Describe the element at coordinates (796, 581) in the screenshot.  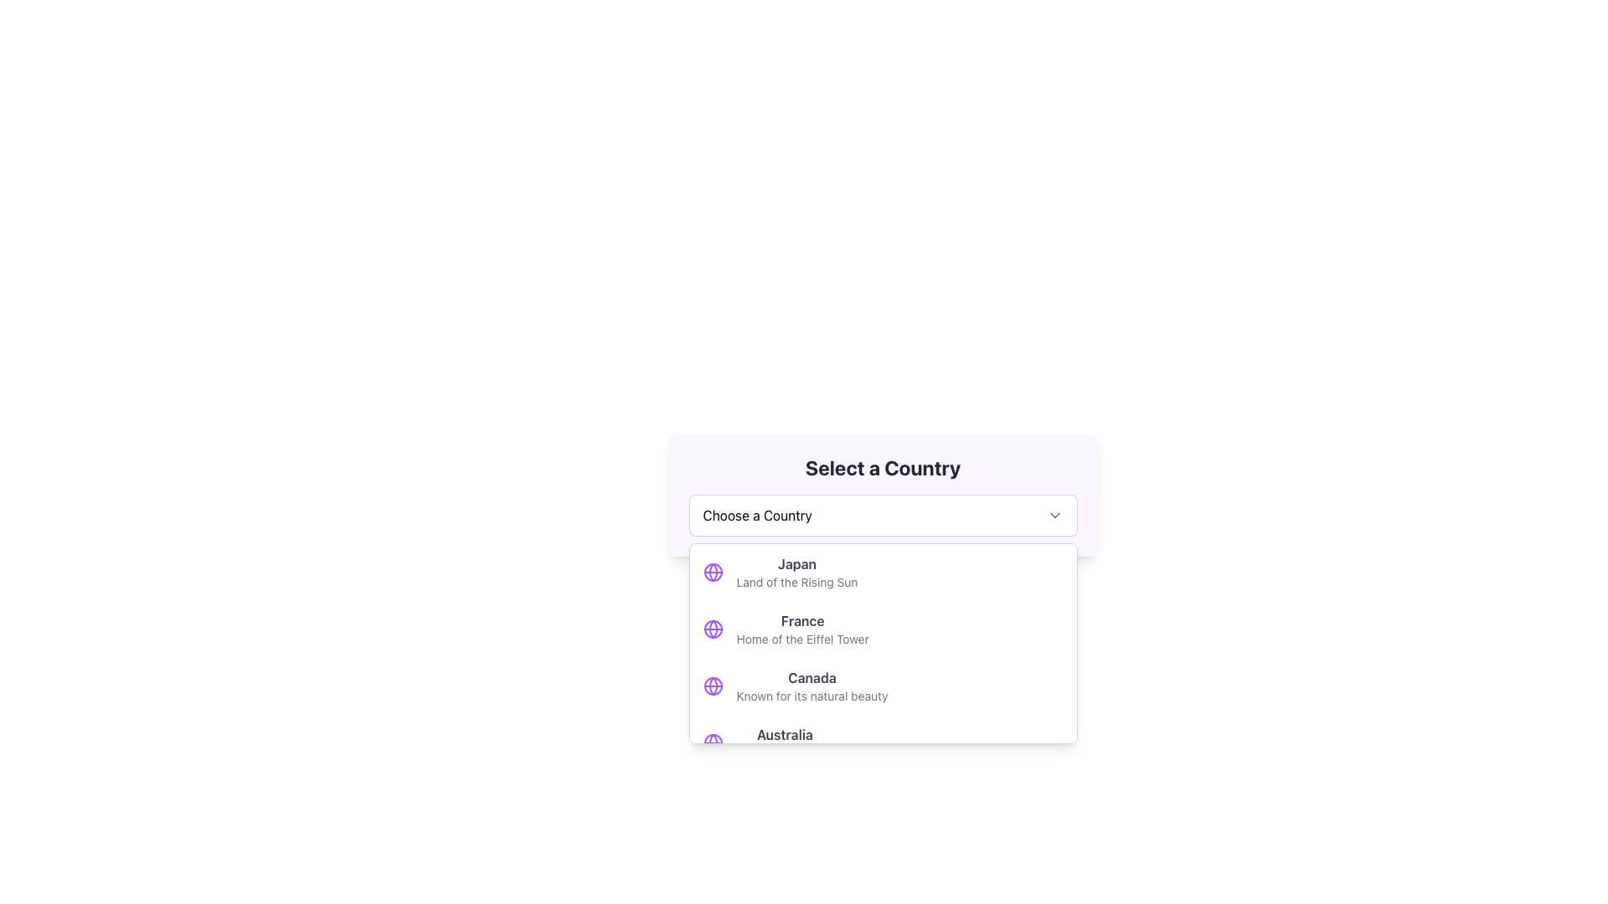
I see `the Text Label that provides supplementary information for the 'Japan' option in the dropdown menu 'Select a Country', which is positioned directly below the 'Japan' label` at that location.